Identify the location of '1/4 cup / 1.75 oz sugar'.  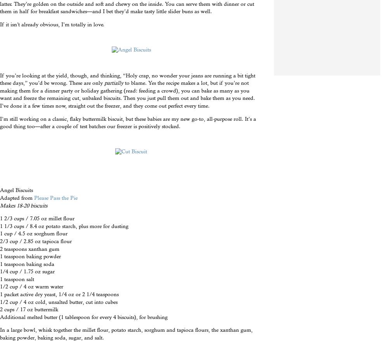
(0, 271).